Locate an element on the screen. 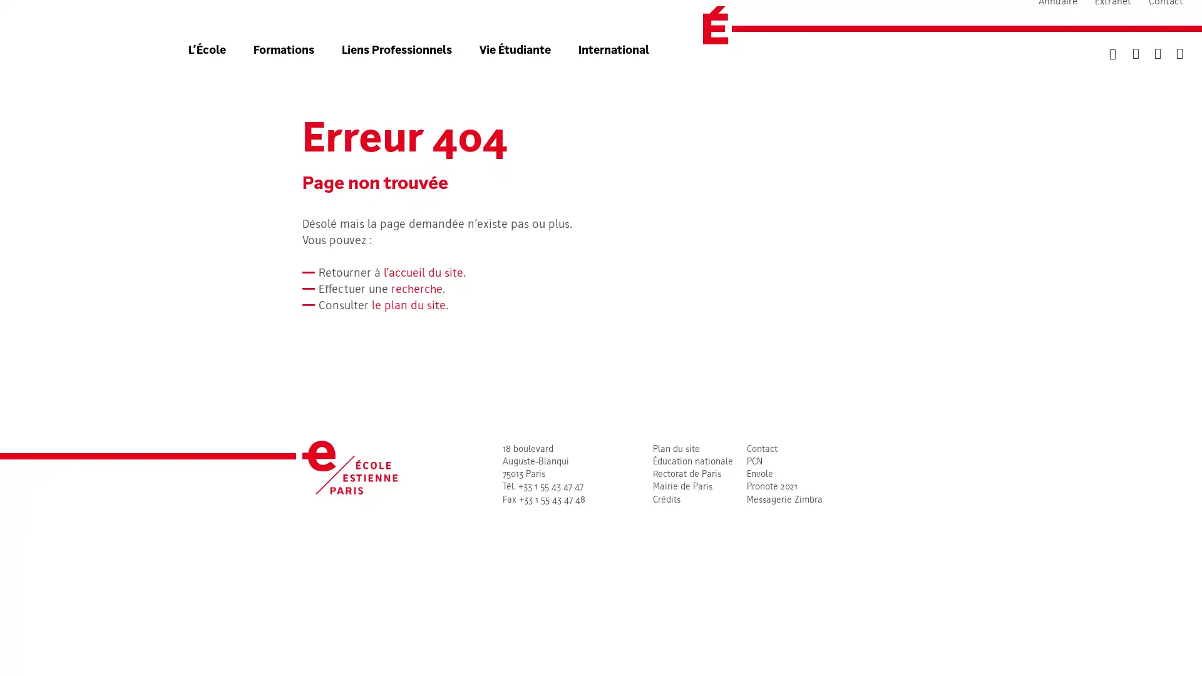 The width and height of the screenshot is (1202, 676). Rechercher is located at coordinates (1096, 77).